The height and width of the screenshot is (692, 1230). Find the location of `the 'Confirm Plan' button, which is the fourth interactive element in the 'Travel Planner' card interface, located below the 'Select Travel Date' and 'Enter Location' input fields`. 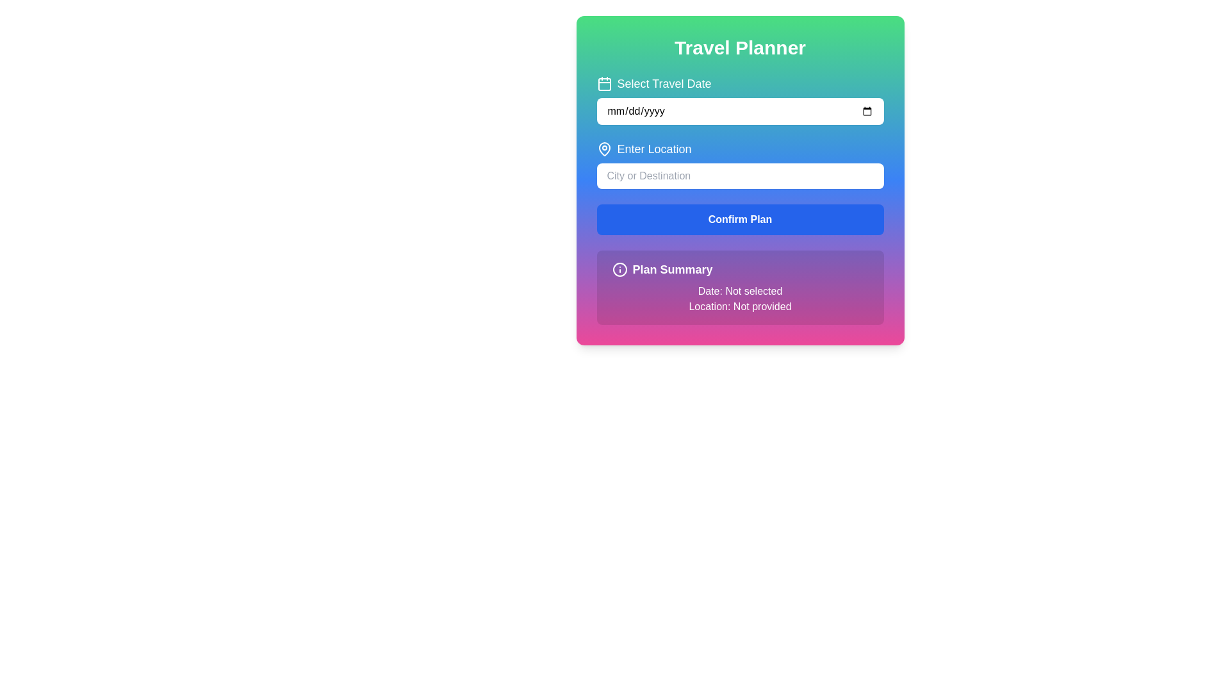

the 'Confirm Plan' button, which is the fourth interactive element in the 'Travel Planner' card interface, located below the 'Select Travel Date' and 'Enter Location' input fields is located at coordinates (740, 219).